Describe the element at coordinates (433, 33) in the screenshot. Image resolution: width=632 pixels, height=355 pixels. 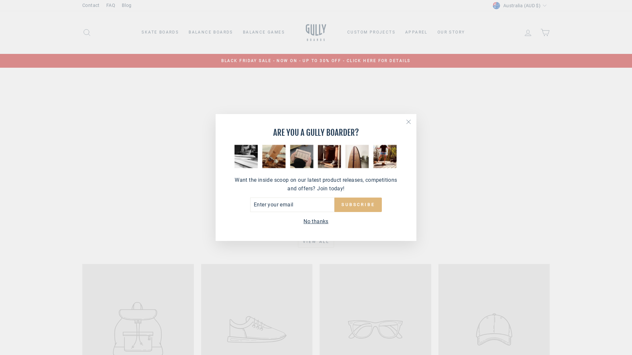
I see `'OUR STORY'` at that location.